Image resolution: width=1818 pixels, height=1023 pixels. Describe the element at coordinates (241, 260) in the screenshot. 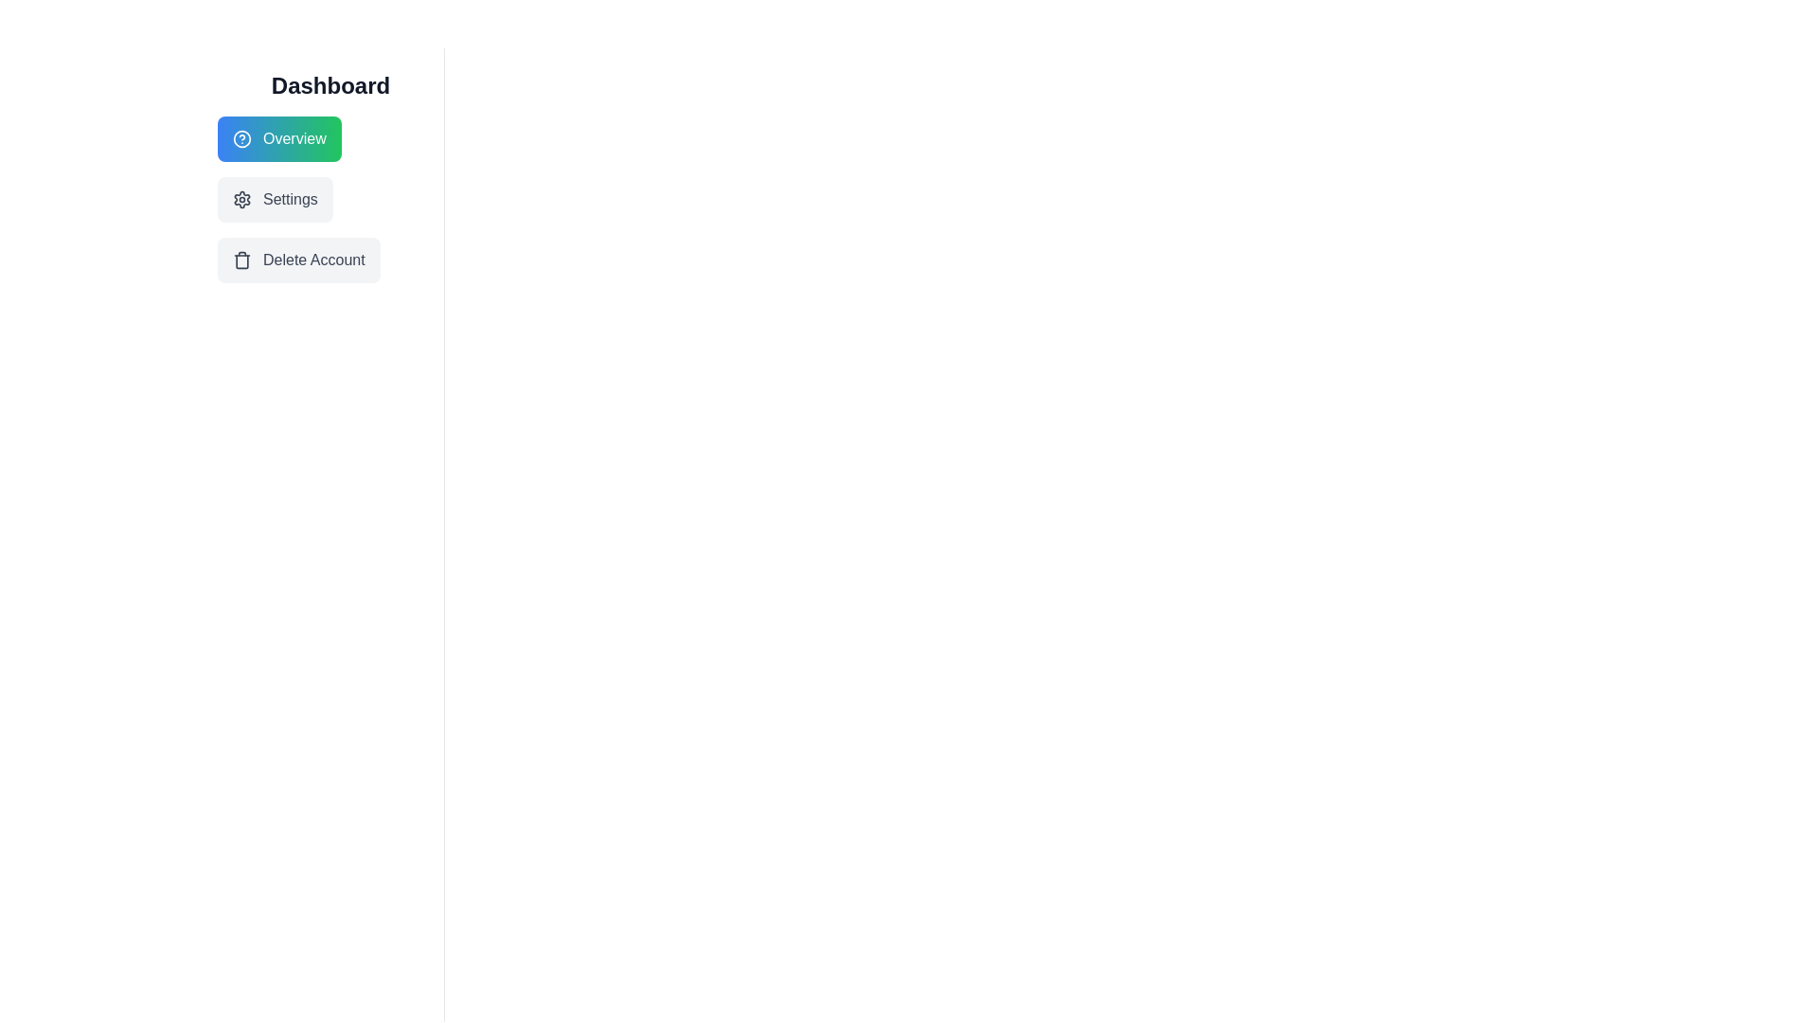

I see `the 'Delete Account' button icon, which is located at the leftmost position within the third option of the vertical navigation menu` at that location.